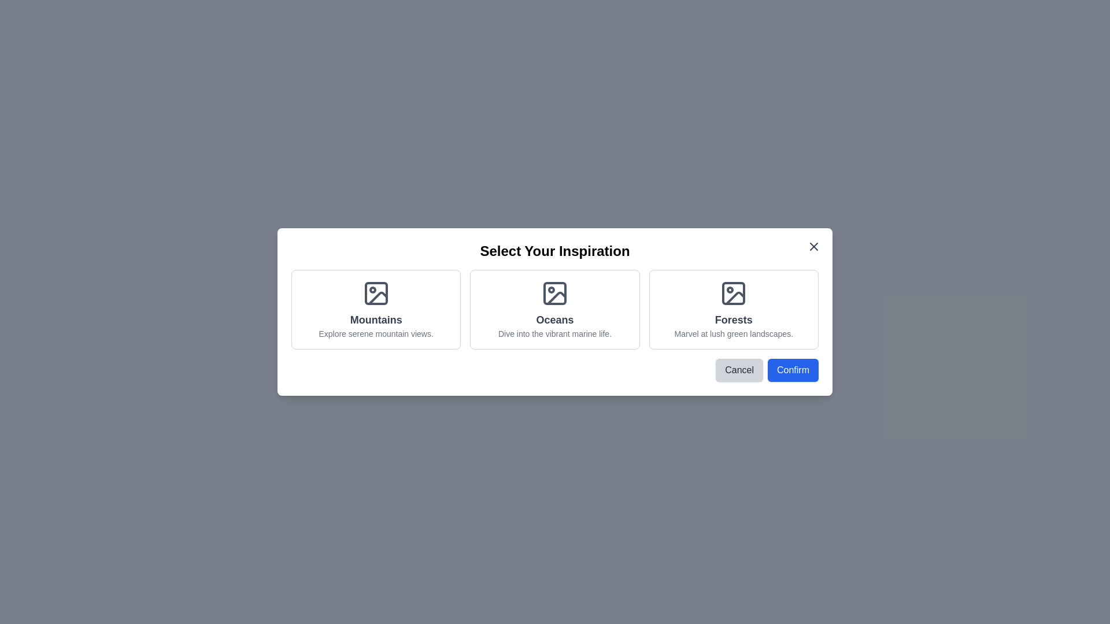 This screenshot has height=624, width=1110. I want to click on the graphical background rectangle that is part of the 'Forests' icon in the selection menu, so click(733, 293).